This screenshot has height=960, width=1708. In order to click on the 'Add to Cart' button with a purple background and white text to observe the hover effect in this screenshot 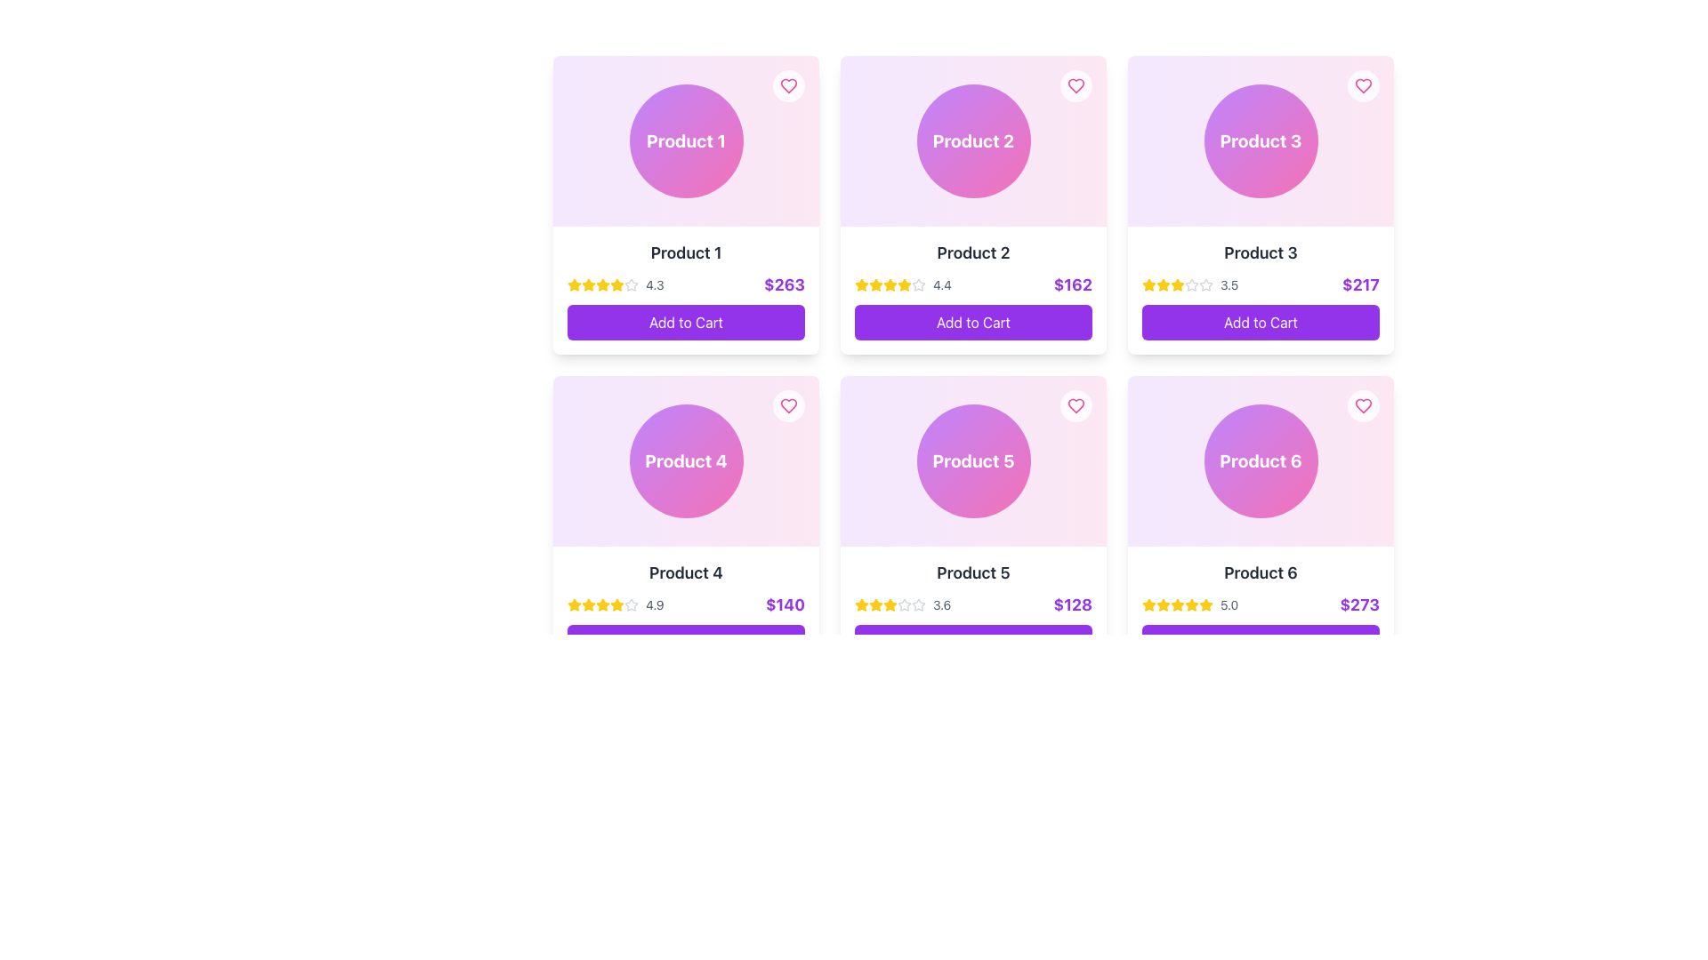, I will do `click(1260, 642)`.